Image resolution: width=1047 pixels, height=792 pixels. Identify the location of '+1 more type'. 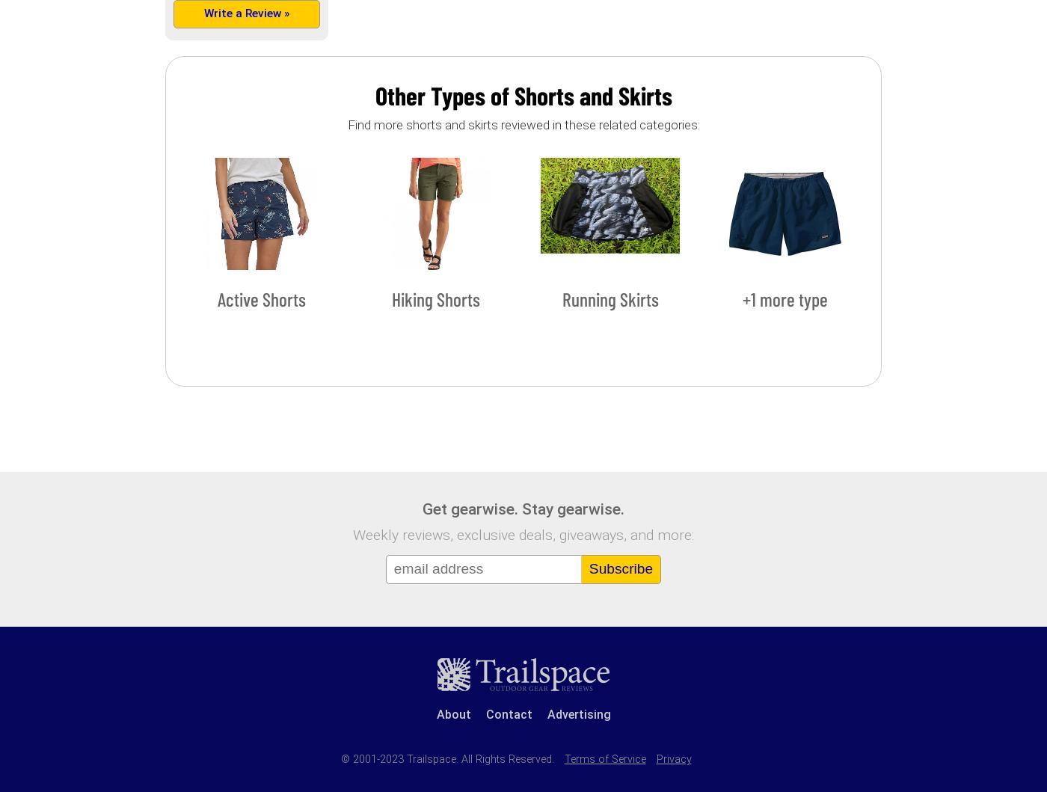
(785, 298).